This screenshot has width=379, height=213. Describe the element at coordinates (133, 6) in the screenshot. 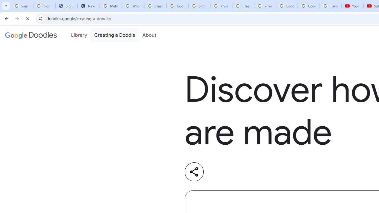

I see `'Who is my administrator? - Google Account Help'` at that location.